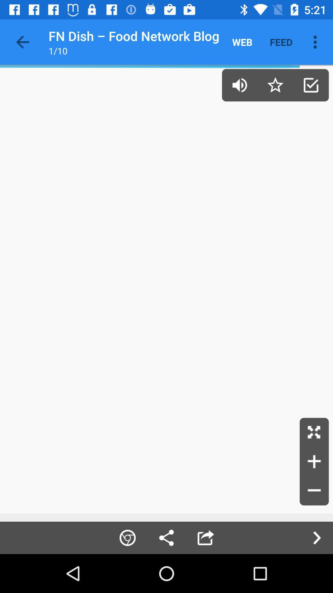 The width and height of the screenshot is (333, 593). Describe the element at coordinates (127, 537) in the screenshot. I see `the globe icon` at that location.